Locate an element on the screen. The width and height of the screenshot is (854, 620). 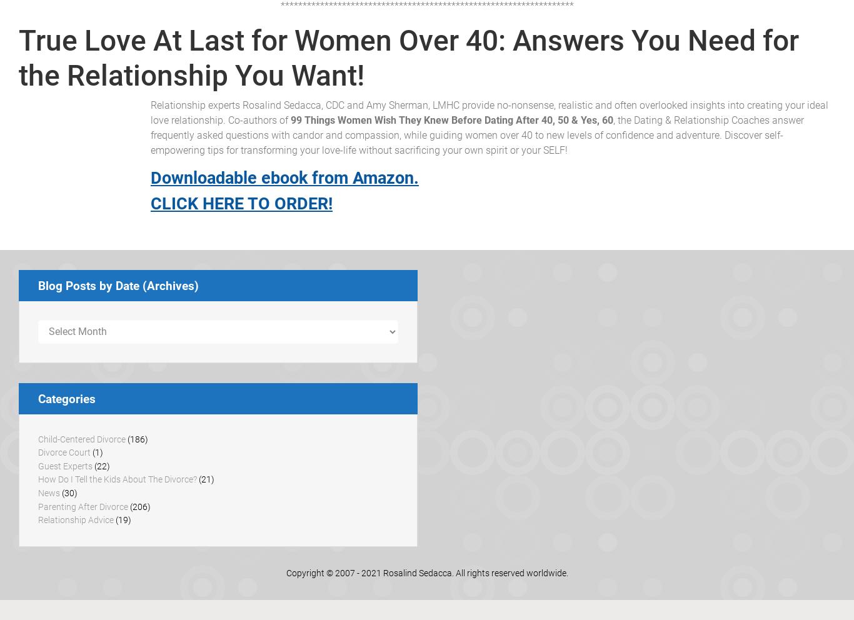
'Parenting After Divorce' is located at coordinates (83, 506).